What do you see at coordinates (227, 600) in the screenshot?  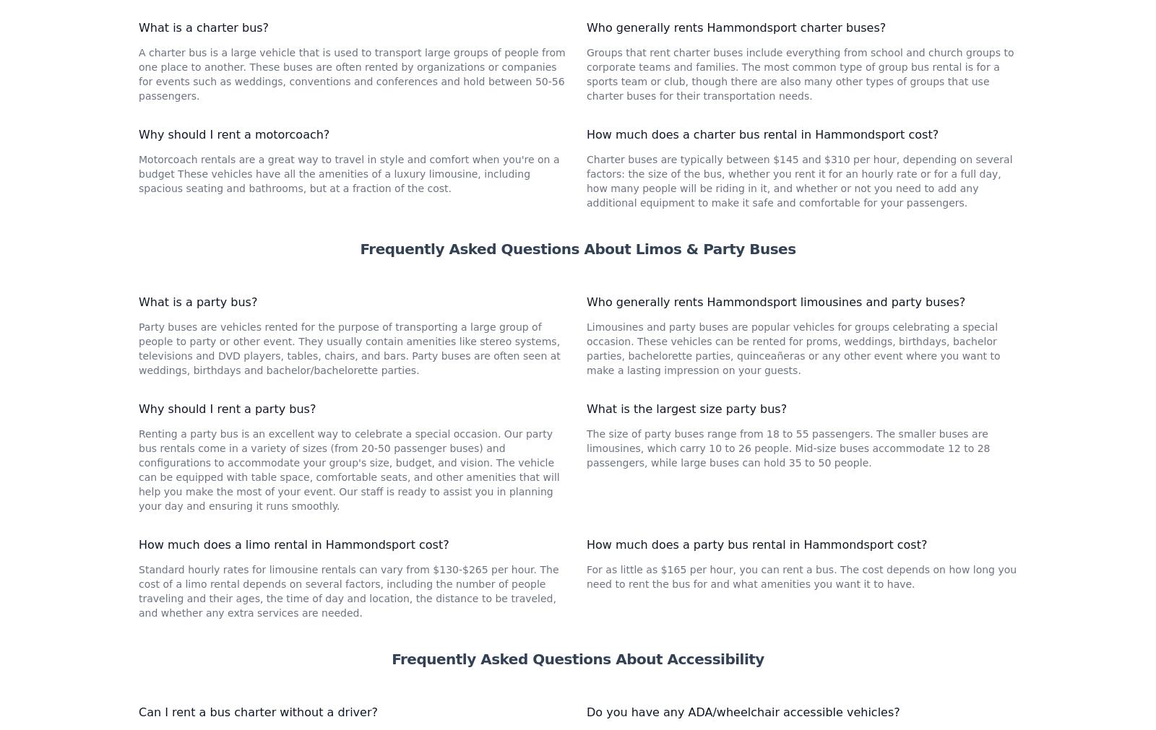 I see `'Why should I rent a party bus?'` at bounding box center [227, 600].